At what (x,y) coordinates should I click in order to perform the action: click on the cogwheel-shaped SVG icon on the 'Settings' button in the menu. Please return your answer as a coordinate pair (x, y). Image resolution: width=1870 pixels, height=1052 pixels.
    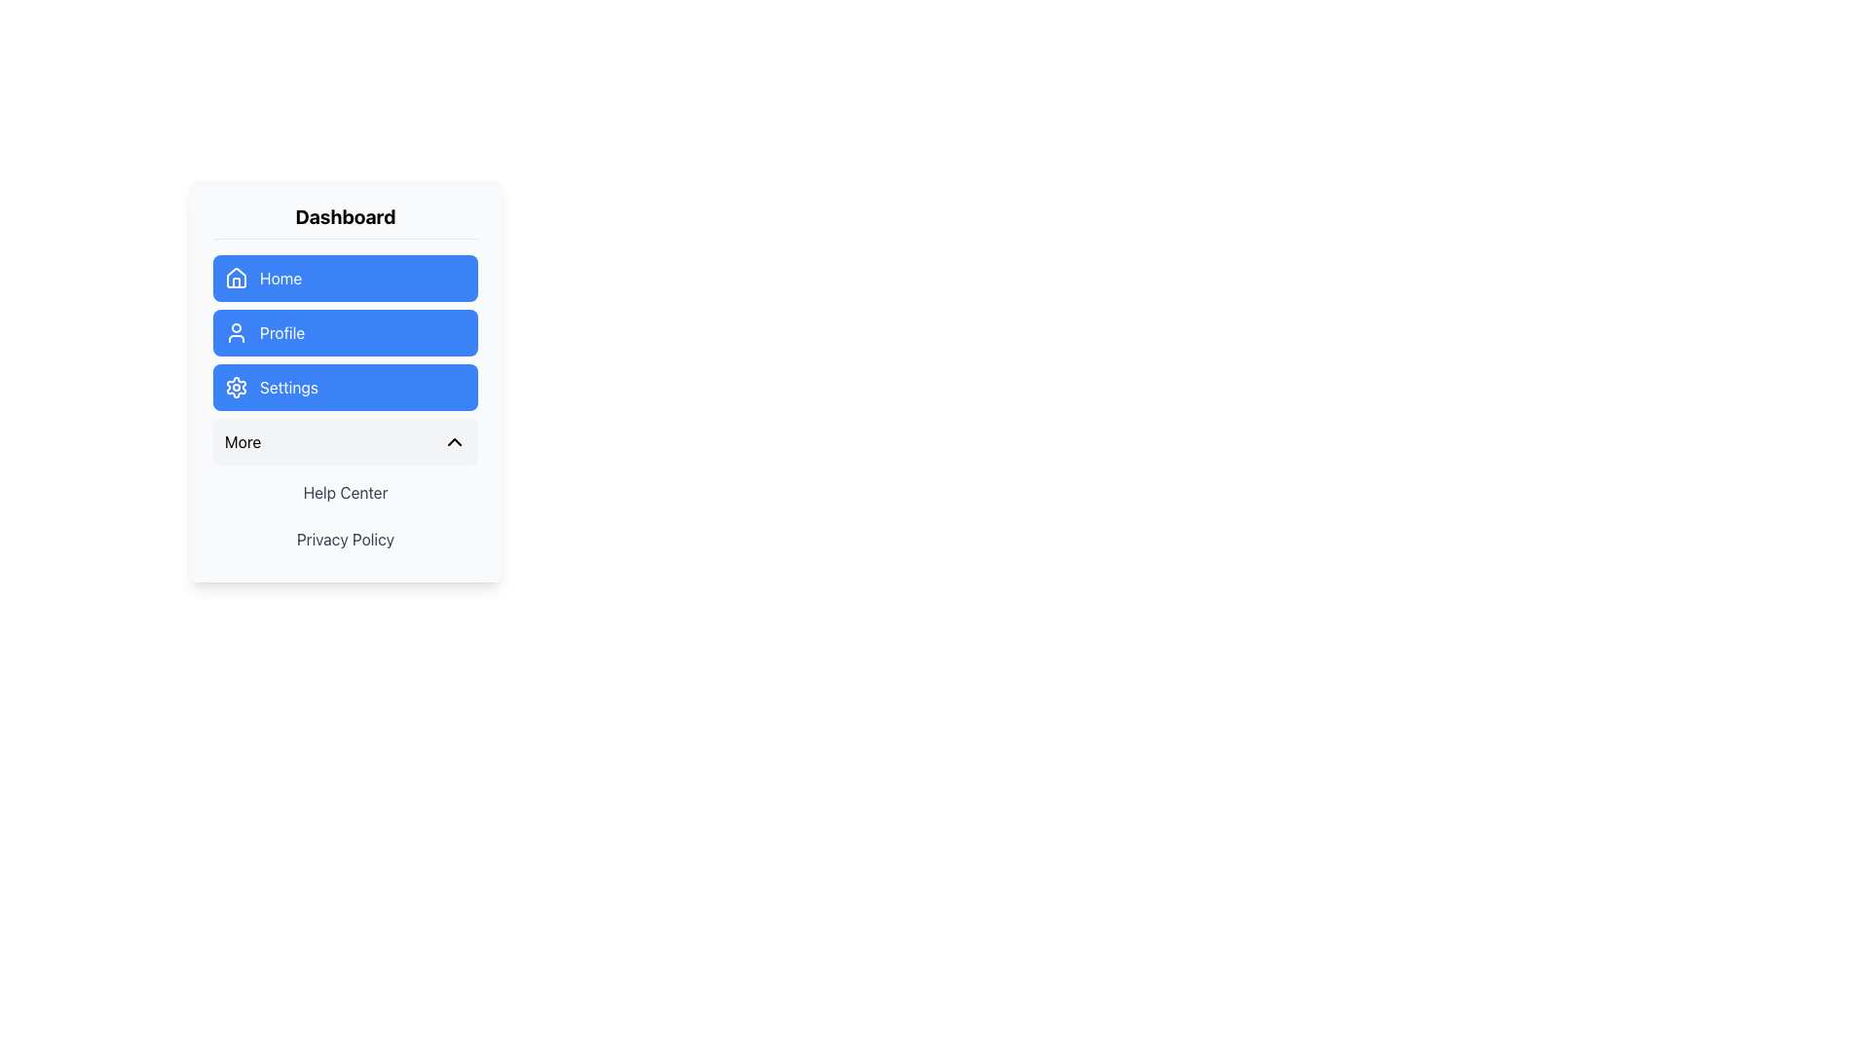
    Looking at the image, I should click on (236, 387).